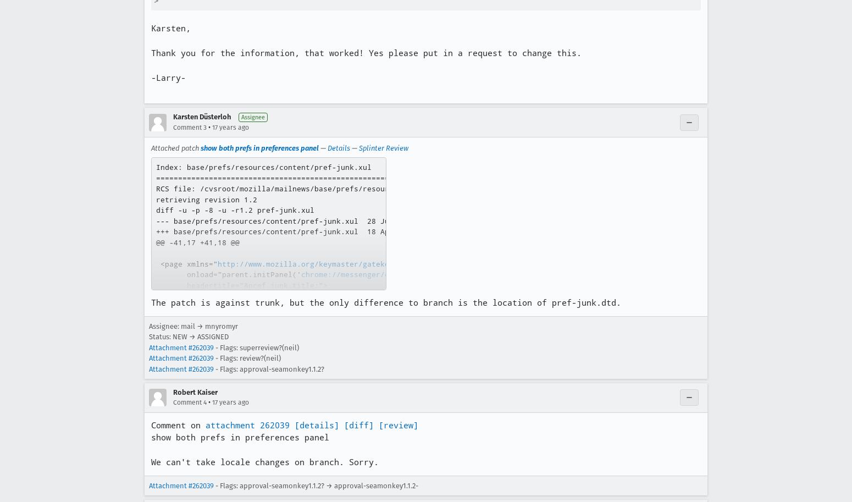 Image resolution: width=852 pixels, height=502 pixels. Describe the element at coordinates (205, 425) in the screenshot. I see `'attachment 262039'` at that location.